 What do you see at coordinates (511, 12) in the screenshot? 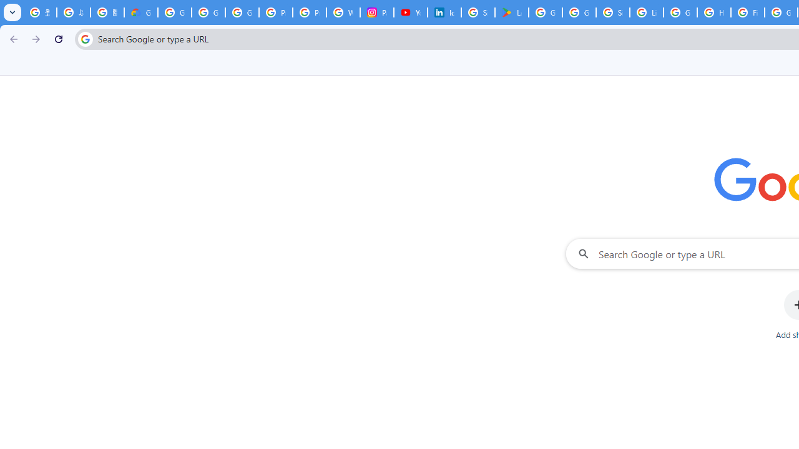
I see `'Last Shelter: Survival - Apps on Google Play'` at bounding box center [511, 12].